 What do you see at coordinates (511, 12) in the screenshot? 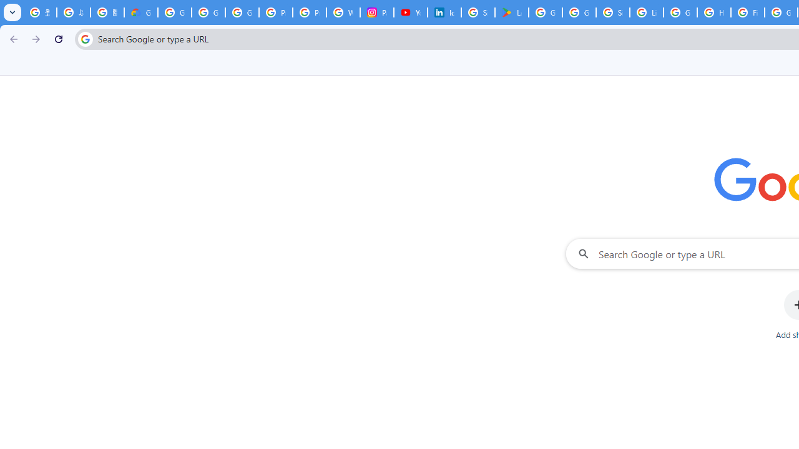
I see `'Last Shelter: Survival - Apps on Google Play'` at bounding box center [511, 12].